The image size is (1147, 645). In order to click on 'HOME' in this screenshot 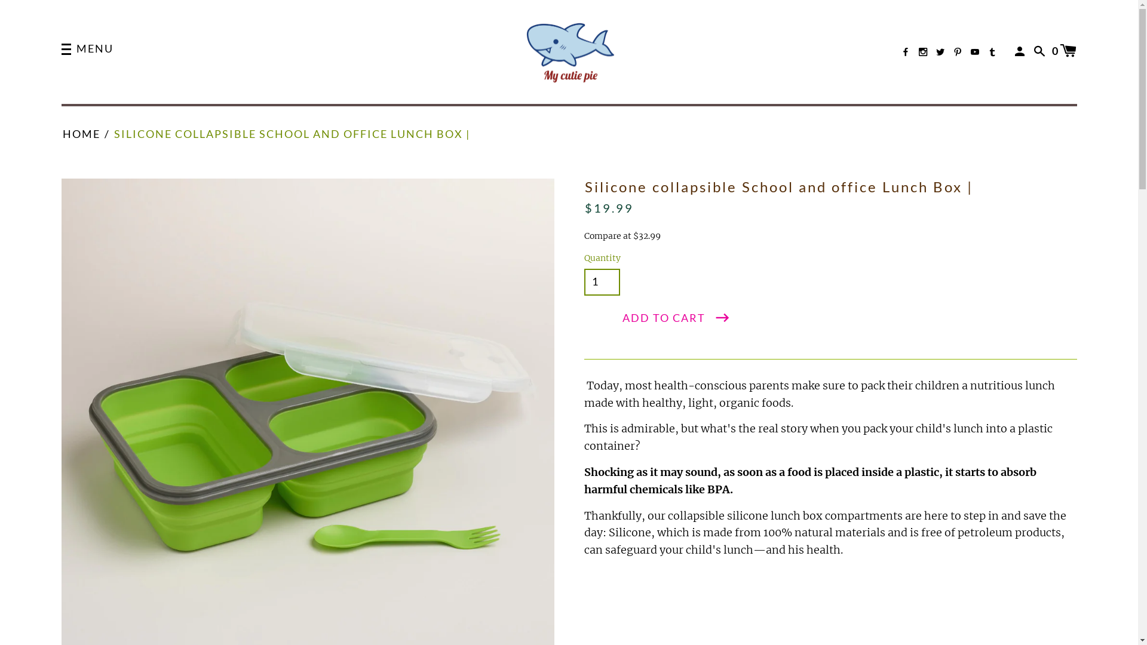, I will do `click(80, 134)`.